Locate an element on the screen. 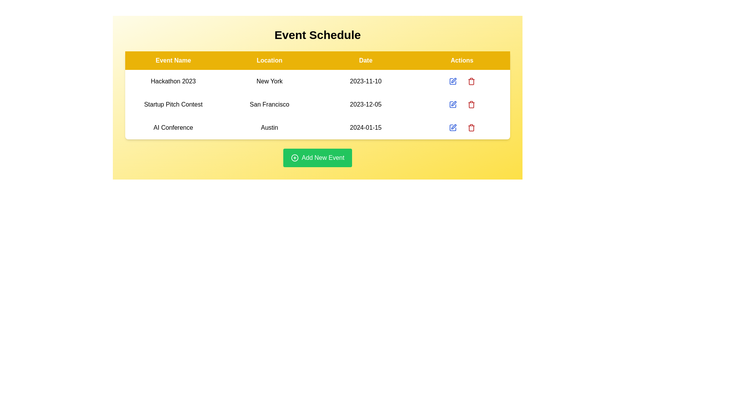 The width and height of the screenshot is (742, 417). the edit button for the event AI Conference is located at coordinates (453, 127).